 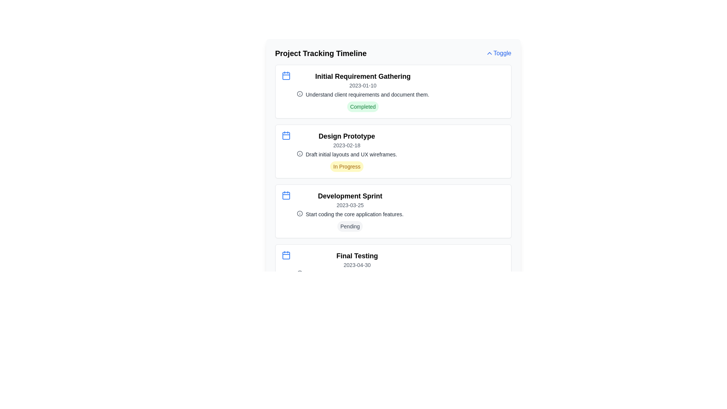 What do you see at coordinates (299, 153) in the screenshot?
I see `the informational icon located in the 'Design Prototype' section of the timeline, positioned to the left before the text of the 'Initial Requirement Gathering' section` at bounding box center [299, 153].